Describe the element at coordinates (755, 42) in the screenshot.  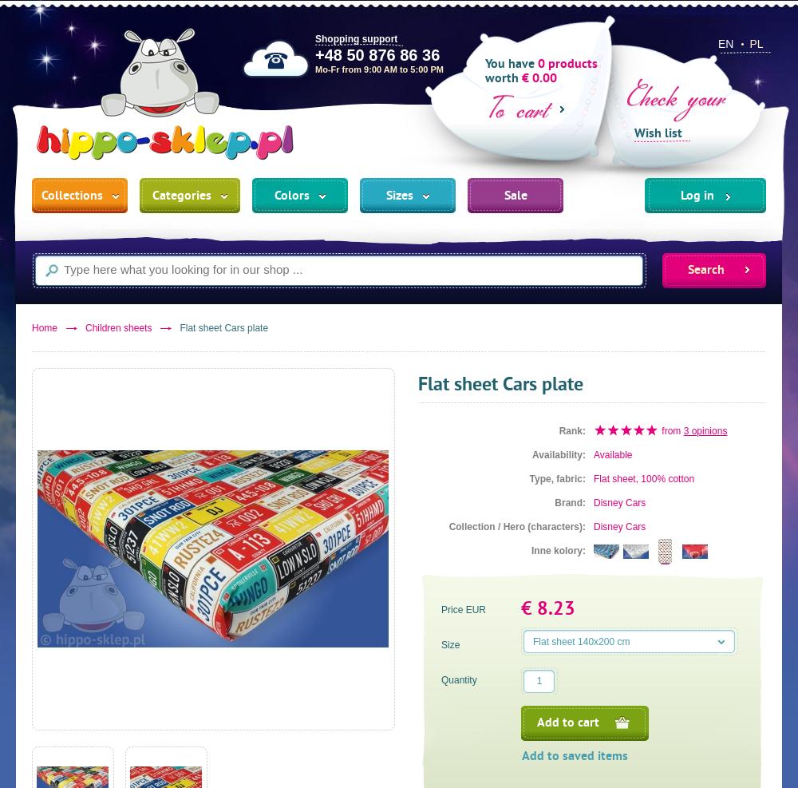
I see `'pl'` at that location.